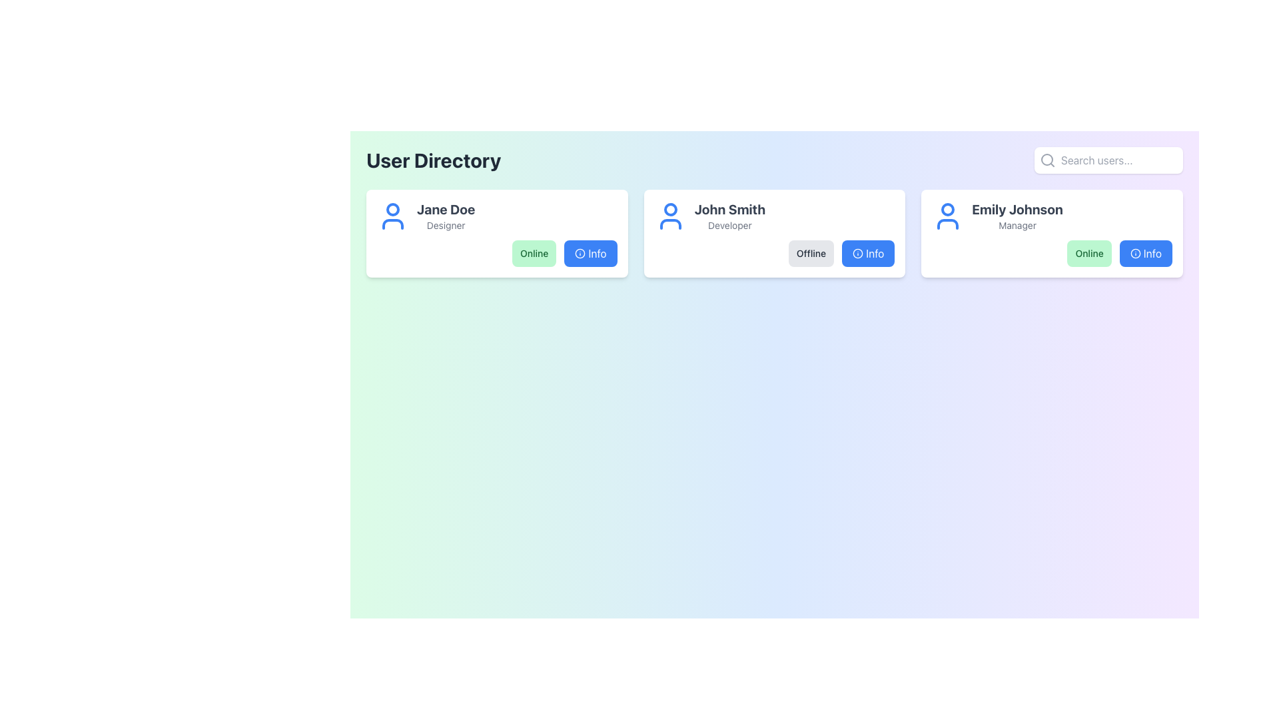 The height and width of the screenshot is (719, 1279). Describe the element at coordinates (1119, 159) in the screenshot. I see `the text input field located at the top-right section of the interface to start typing a search query` at that location.